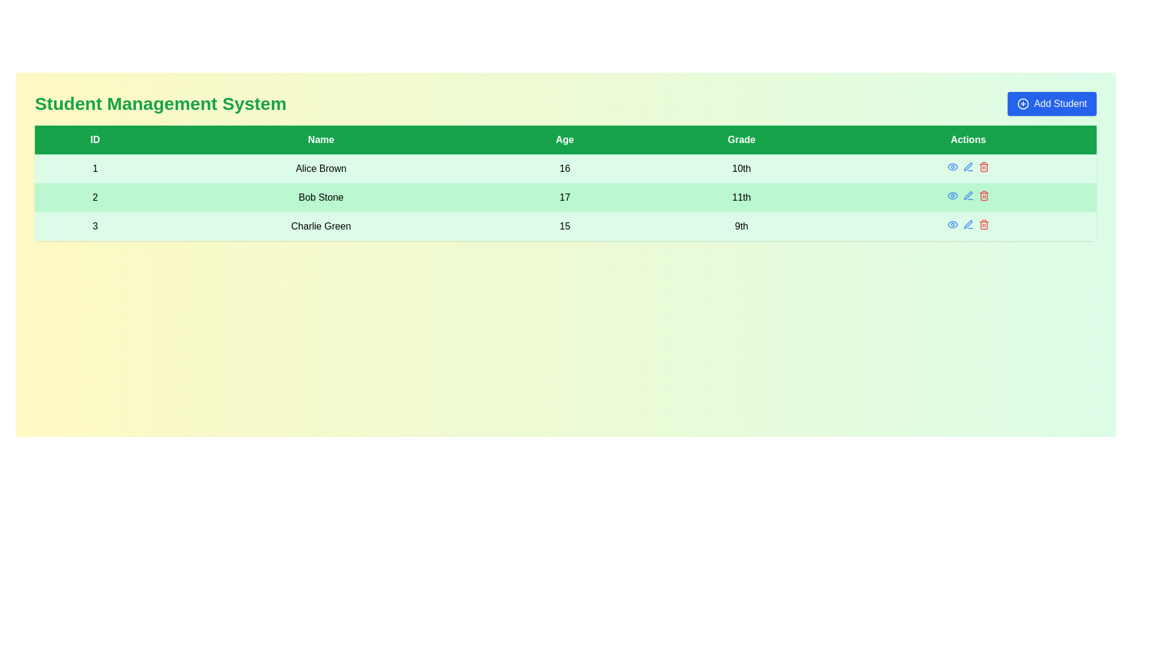 Image resolution: width=1155 pixels, height=649 pixels. What do you see at coordinates (741, 169) in the screenshot?
I see `the text label indicating the grade for the student 'Alice Brown' in the fourth cell of the table, which is adjacent to the 'Age' column on the left and the 'Actions' column on the right` at bounding box center [741, 169].